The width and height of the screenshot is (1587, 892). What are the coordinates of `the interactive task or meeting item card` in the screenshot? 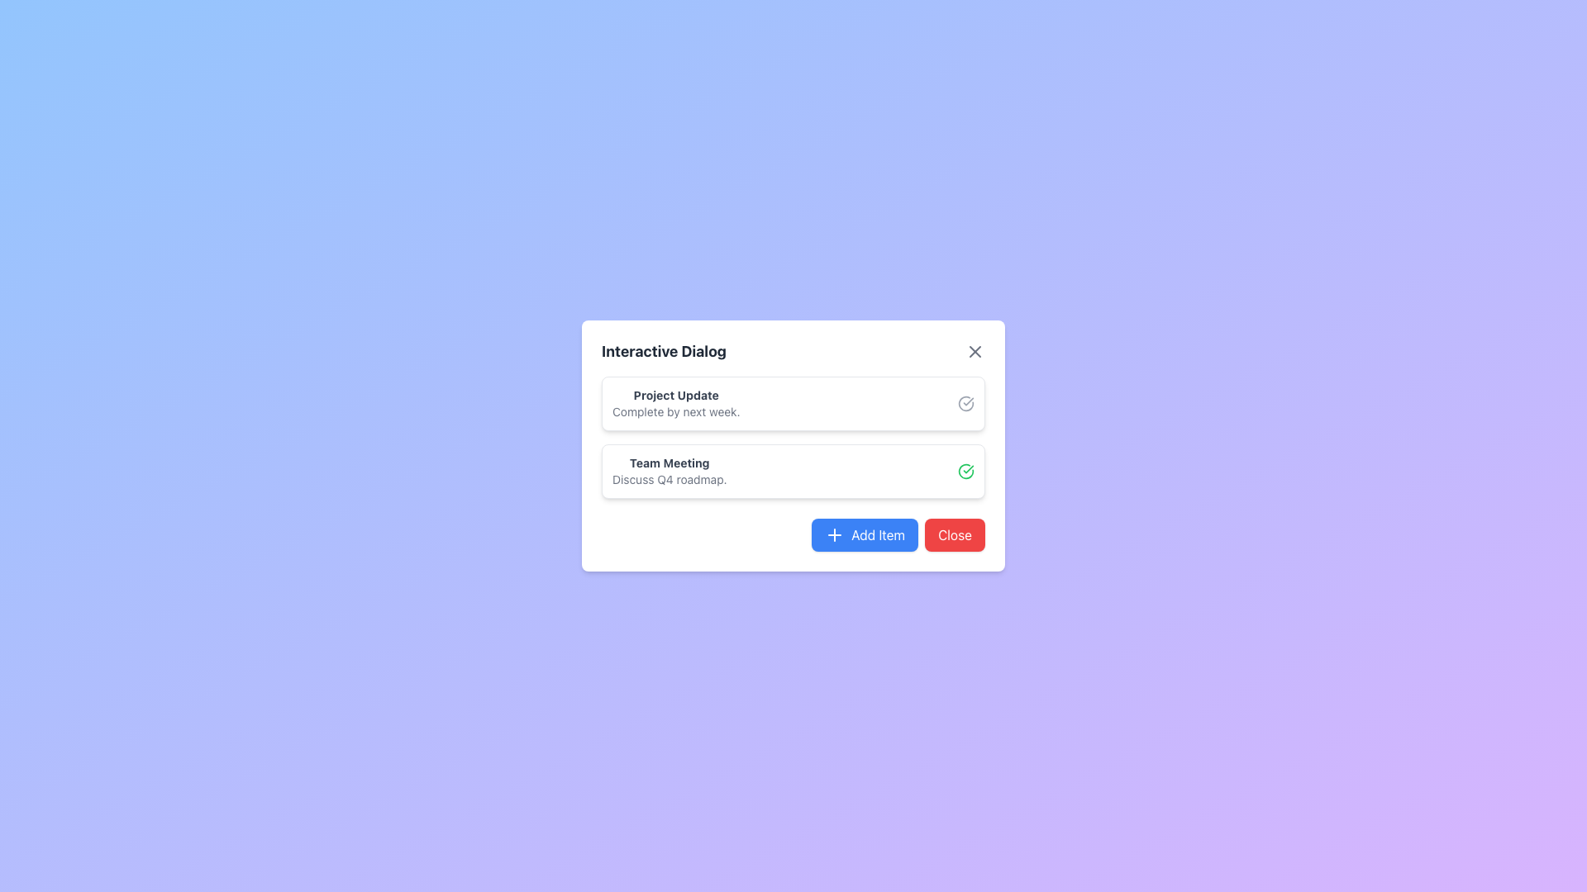 It's located at (793, 471).